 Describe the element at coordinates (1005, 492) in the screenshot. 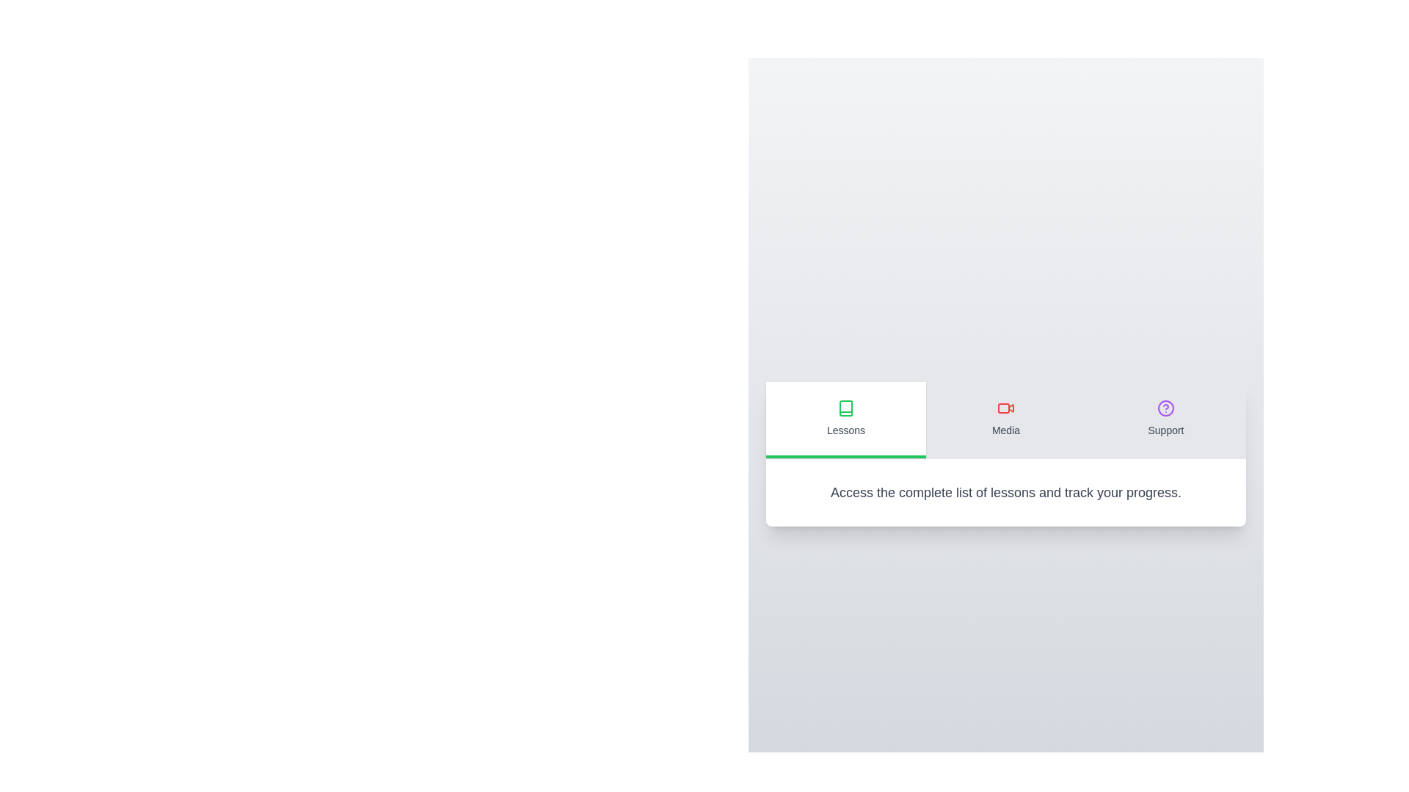

I see `the description area to read the text` at that location.